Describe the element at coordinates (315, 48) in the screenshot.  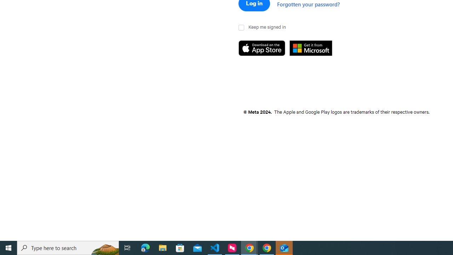
I see `'Get it from Microsoft'` at that location.